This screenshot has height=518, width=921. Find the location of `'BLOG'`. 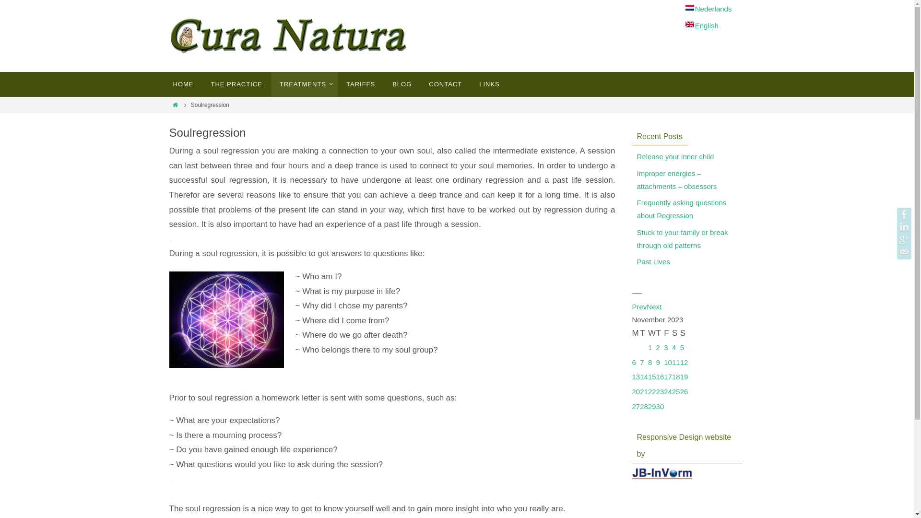

'BLOG' is located at coordinates (402, 84).